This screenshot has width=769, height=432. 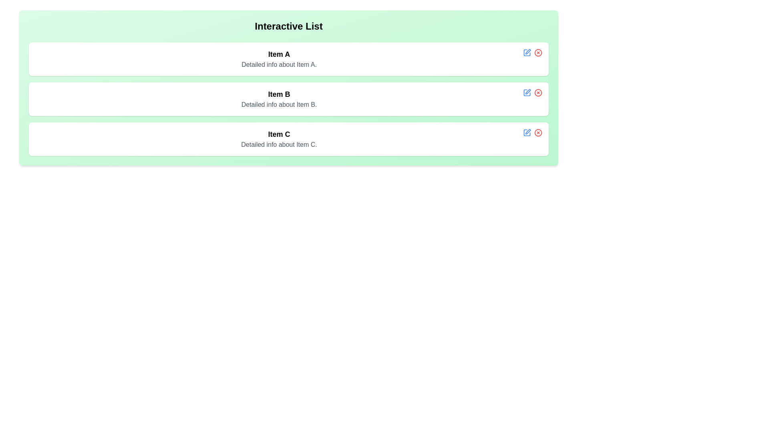 What do you see at coordinates (288, 58) in the screenshot?
I see `the distinct list item labeled 'Item A' with bold font and supporting detail in lighter gray text, which is the first entry in the vertical list below 'Interactive List'` at bounding box center [288, 58].